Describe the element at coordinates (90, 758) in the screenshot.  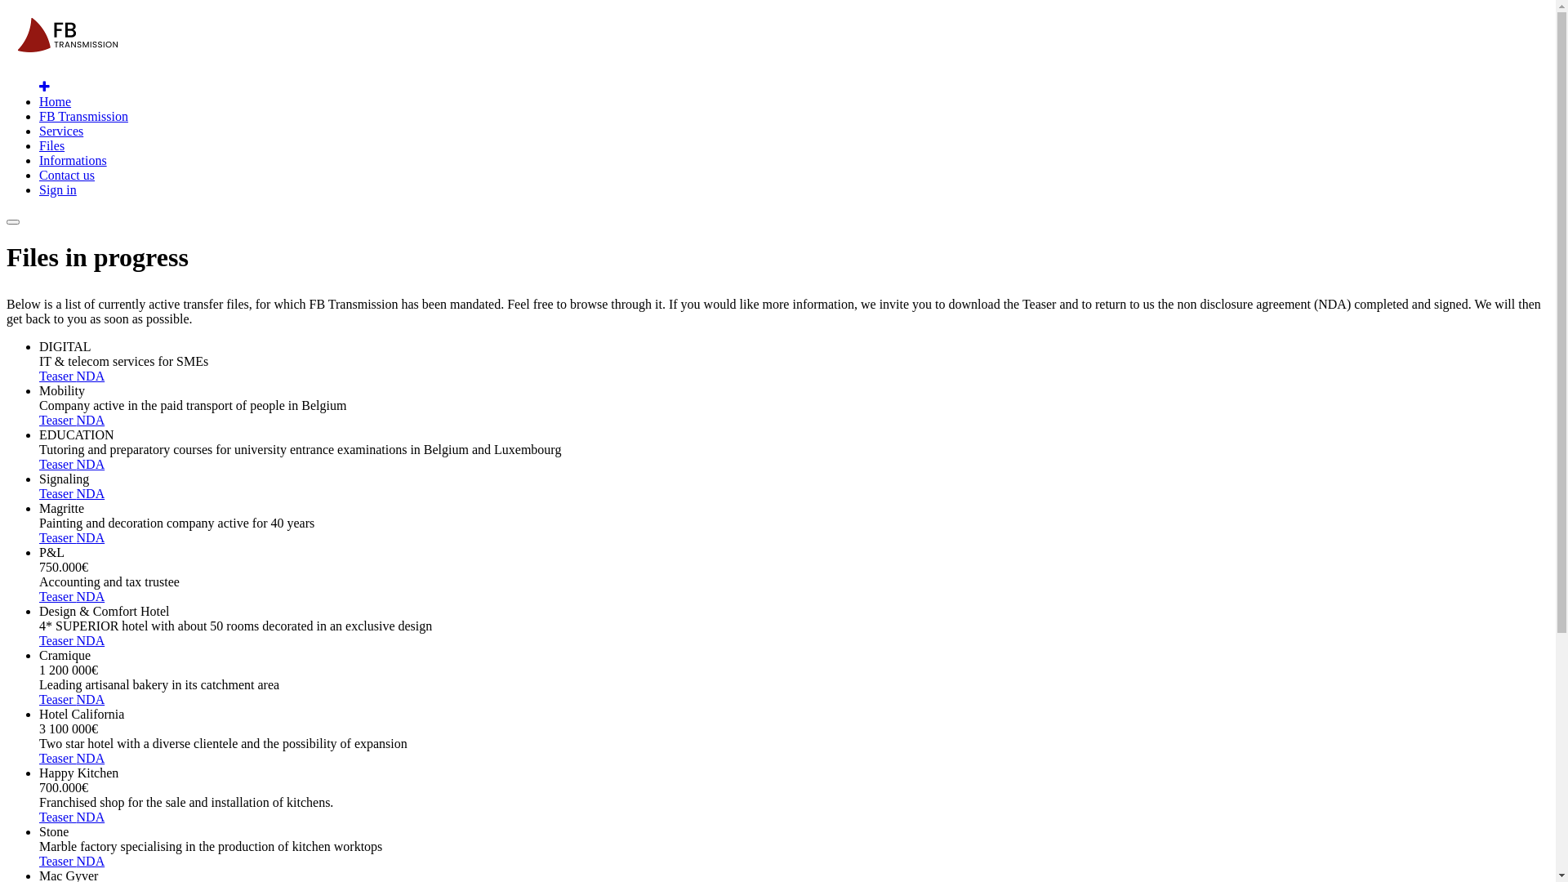
I see `'NDA'` at that location.